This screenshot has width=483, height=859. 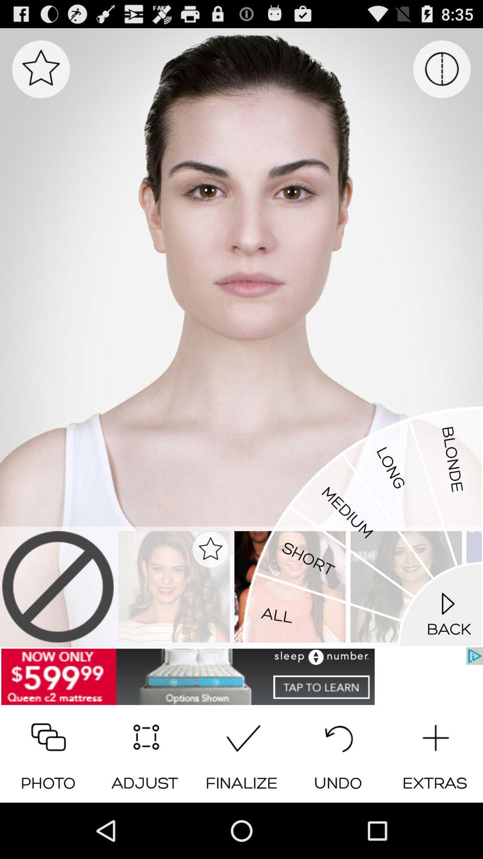 I want to click on the star icon, so click(x=41, y=74).